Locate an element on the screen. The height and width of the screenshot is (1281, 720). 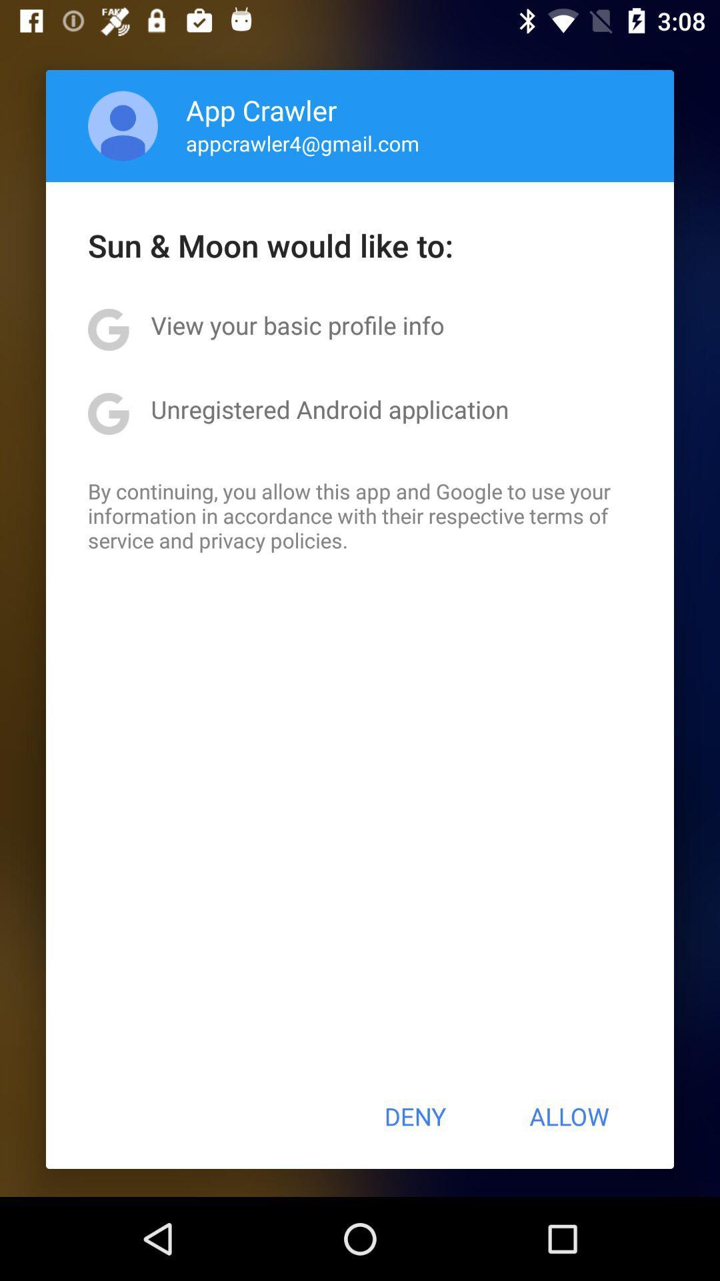
item above the sun moon would item is located at coordinates (123, 125).